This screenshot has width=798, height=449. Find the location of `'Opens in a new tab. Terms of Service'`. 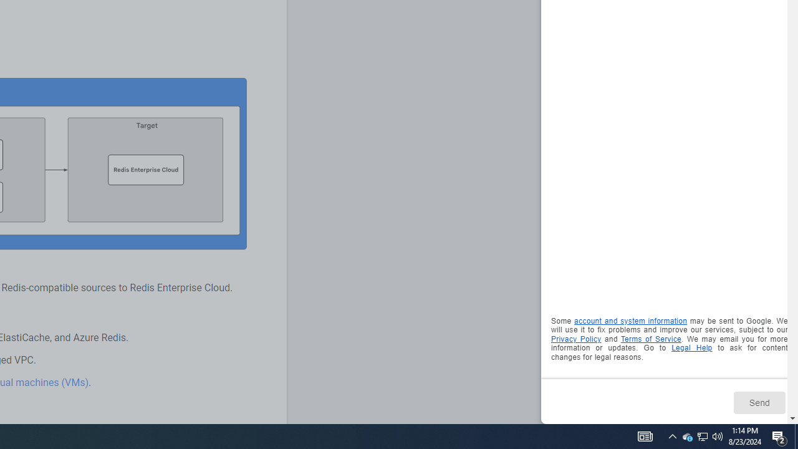

'Opens in a new tab. Terms of Service' is located at coordinates (650, 339).